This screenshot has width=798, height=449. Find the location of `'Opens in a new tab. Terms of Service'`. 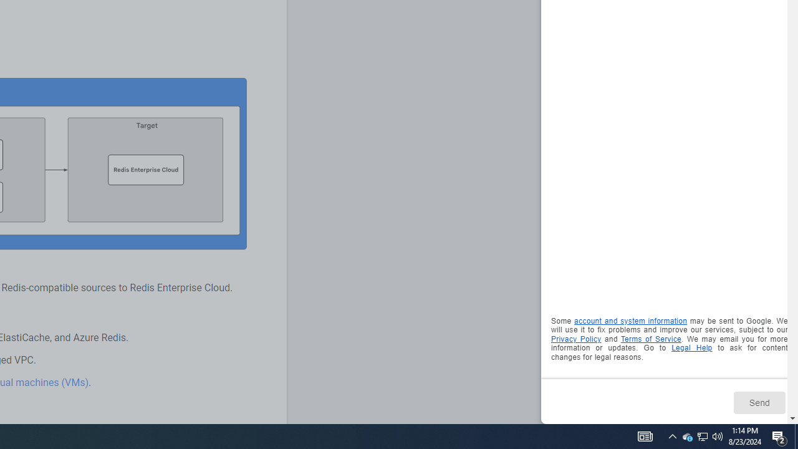

'Opens in a new tab. Terms of Service' is located at coordinates (650, 339).